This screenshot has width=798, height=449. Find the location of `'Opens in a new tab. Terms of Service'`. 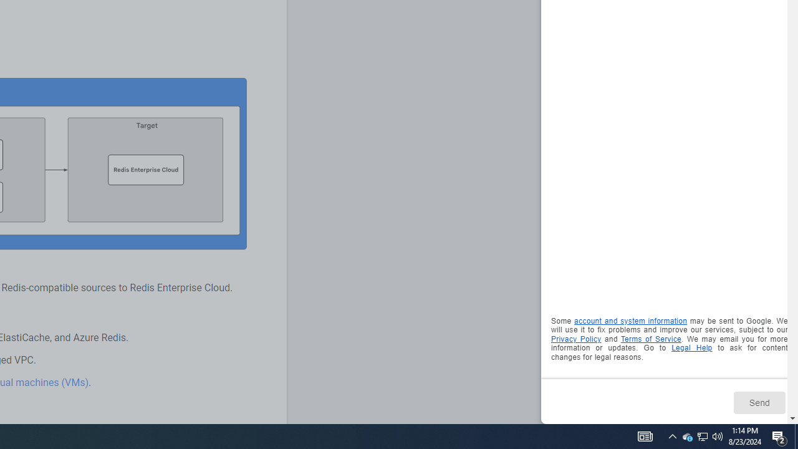

'Opens in a new tab. Terms of Service' is located at coordinates (650, 339).